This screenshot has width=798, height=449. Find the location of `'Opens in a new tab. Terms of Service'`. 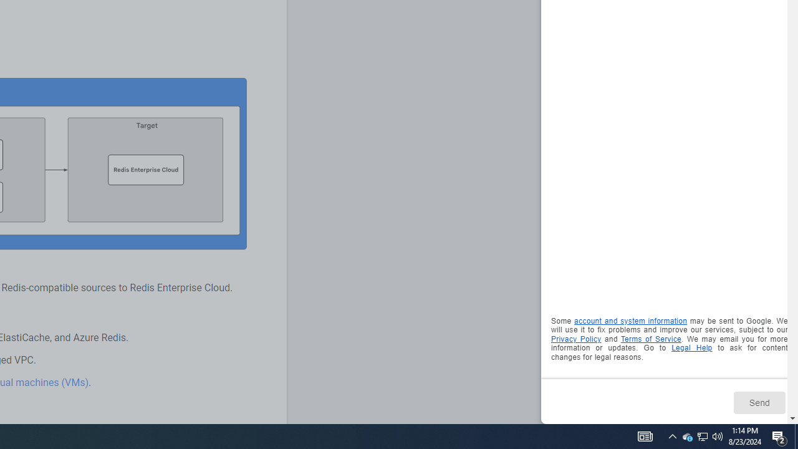

'Opens in a new tab. Terms of Service' is located at coordinates (650, 339).